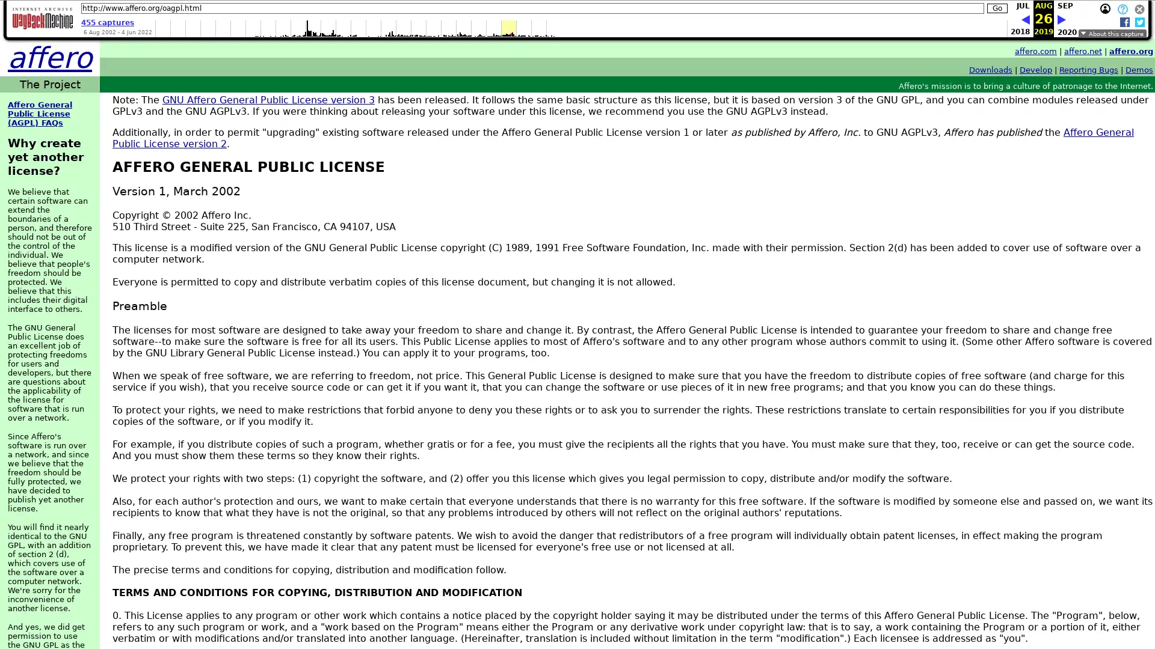 This screenshot has height=649, width=1155. What do you see at coordinates (997, 8) in the screenshot?
I see `Go` at bounding box center [997, 8].